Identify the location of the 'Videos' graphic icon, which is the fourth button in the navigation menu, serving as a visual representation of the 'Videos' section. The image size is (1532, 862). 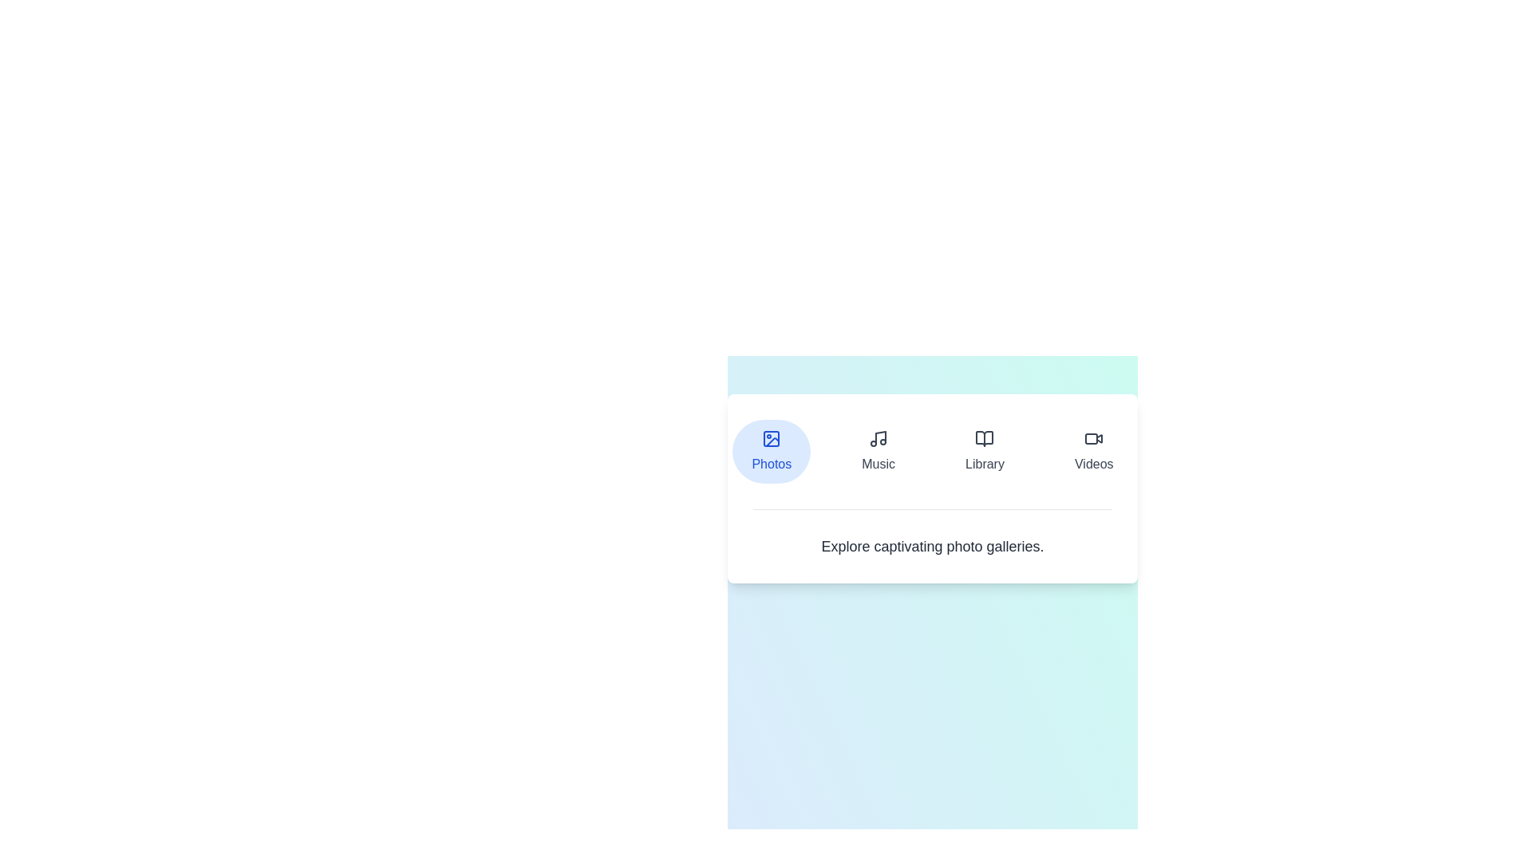
(1099, 438).